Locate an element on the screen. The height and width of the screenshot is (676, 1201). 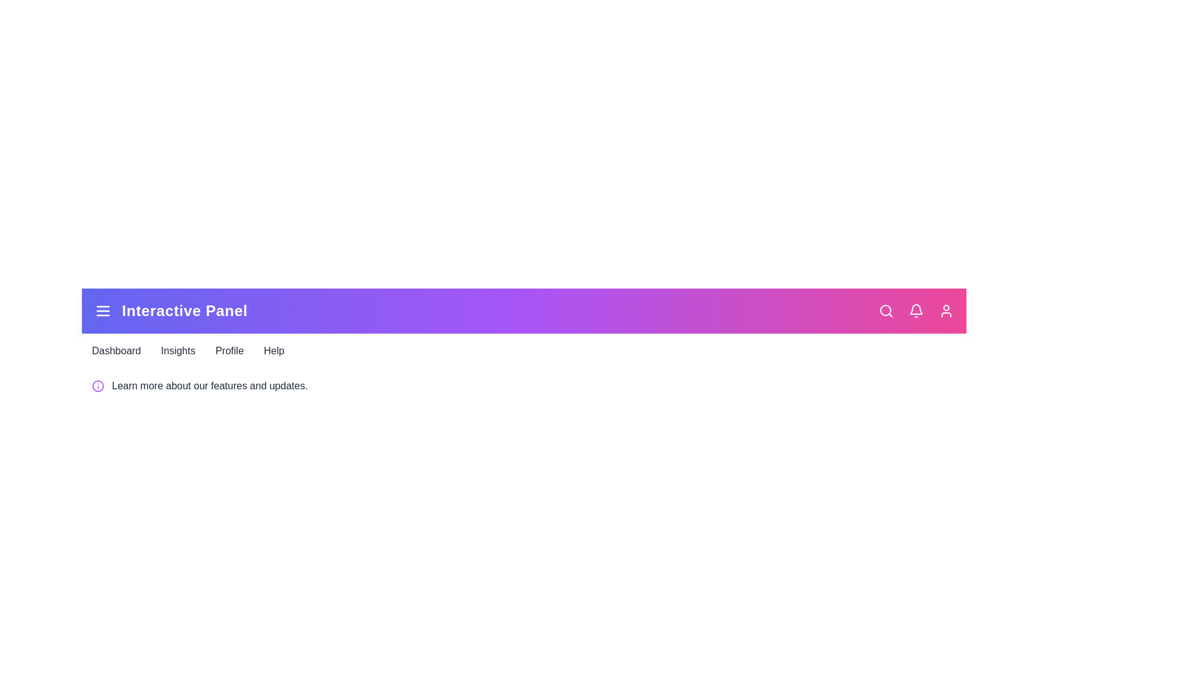
the informational icon to interact with it is located at coordinates (98, 386).